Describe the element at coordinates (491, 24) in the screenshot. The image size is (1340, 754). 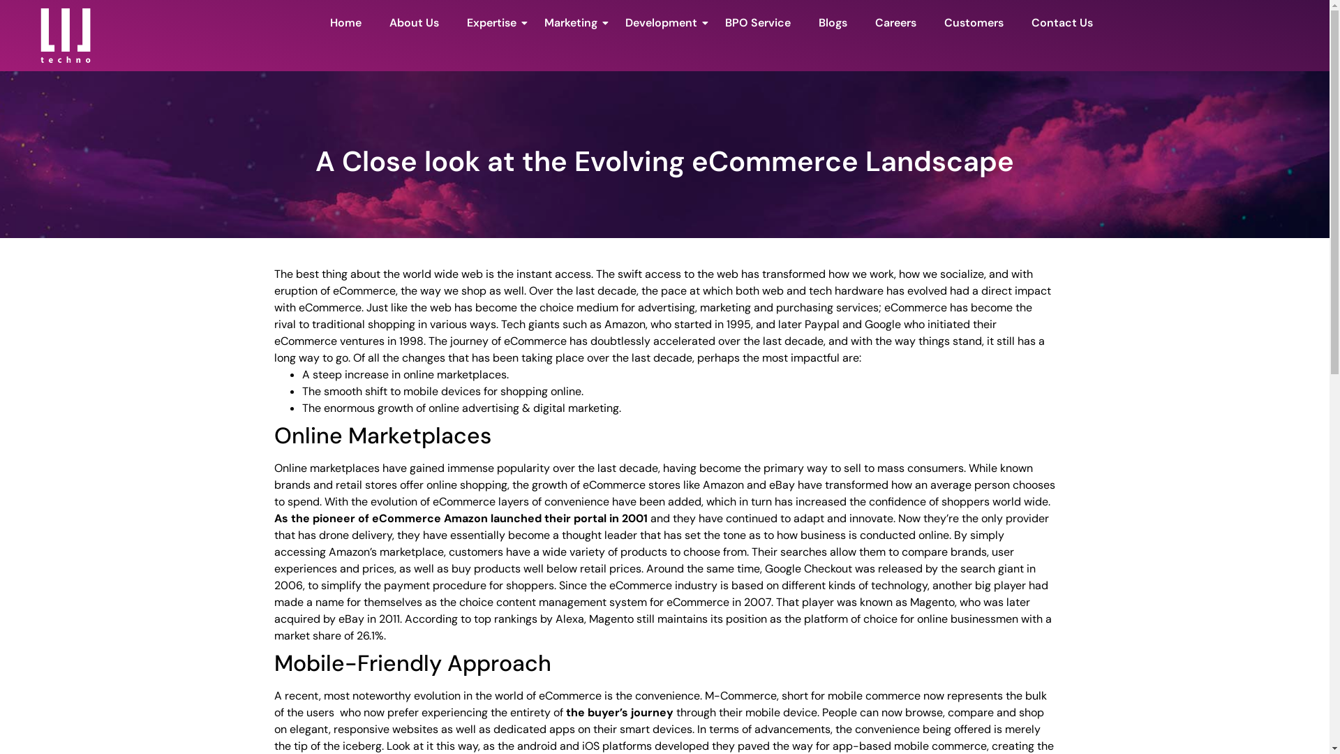
I see `'Expertise'` at that location.